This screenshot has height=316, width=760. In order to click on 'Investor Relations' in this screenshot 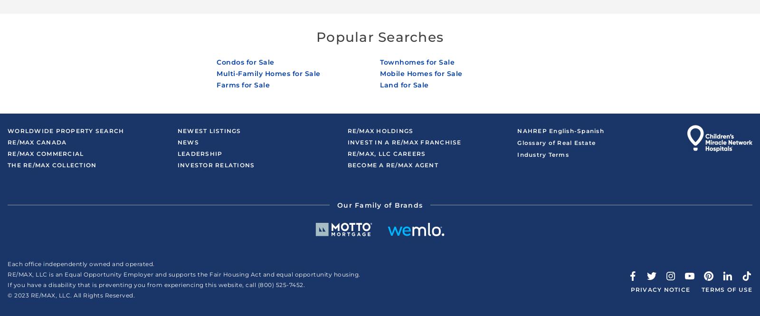, I will do `click(215, 164)`.